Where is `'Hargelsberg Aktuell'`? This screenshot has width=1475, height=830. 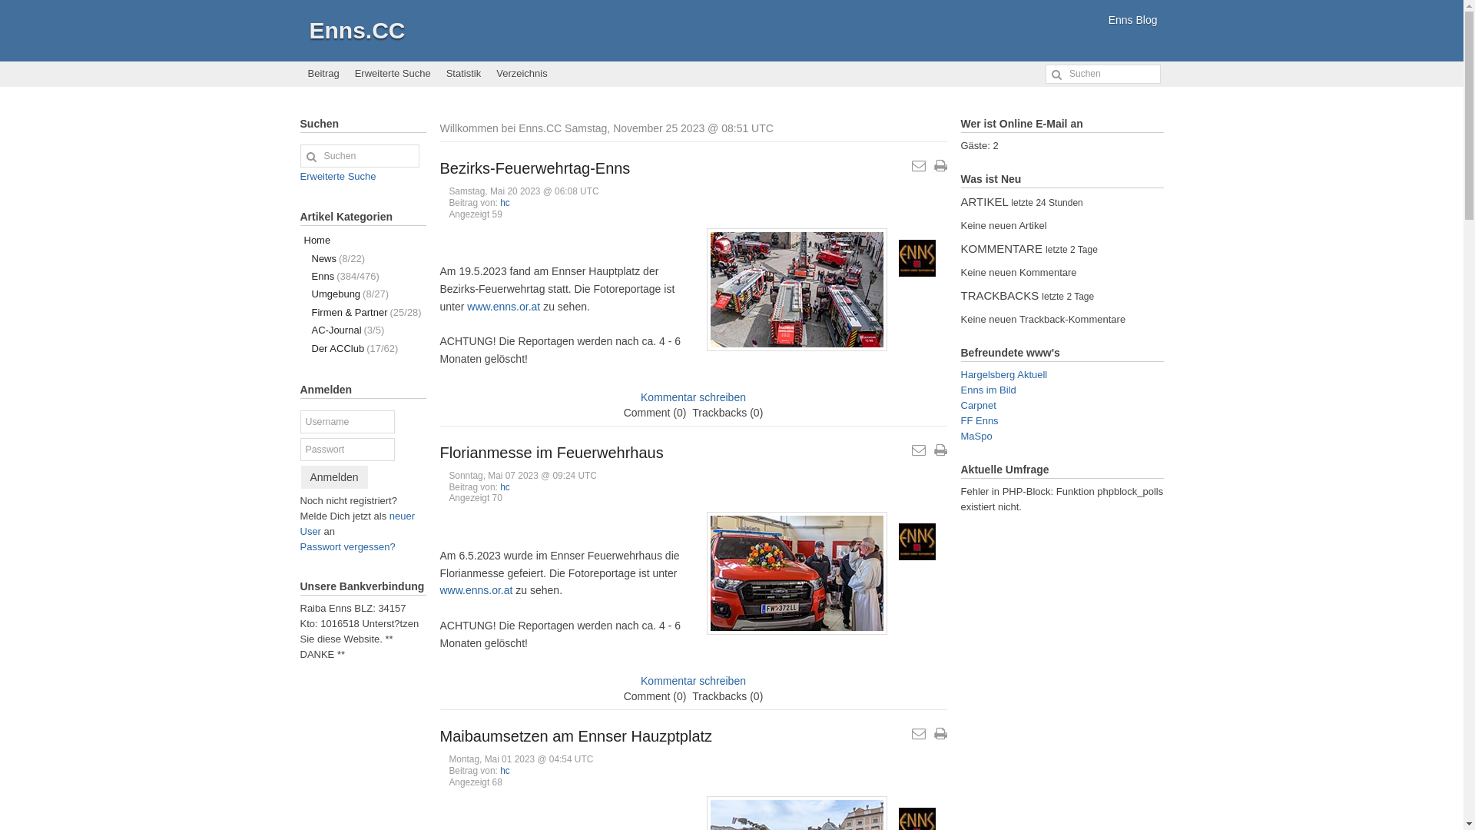
'Hargelsberg Aktuell' is located at coordinates (1003, 374).